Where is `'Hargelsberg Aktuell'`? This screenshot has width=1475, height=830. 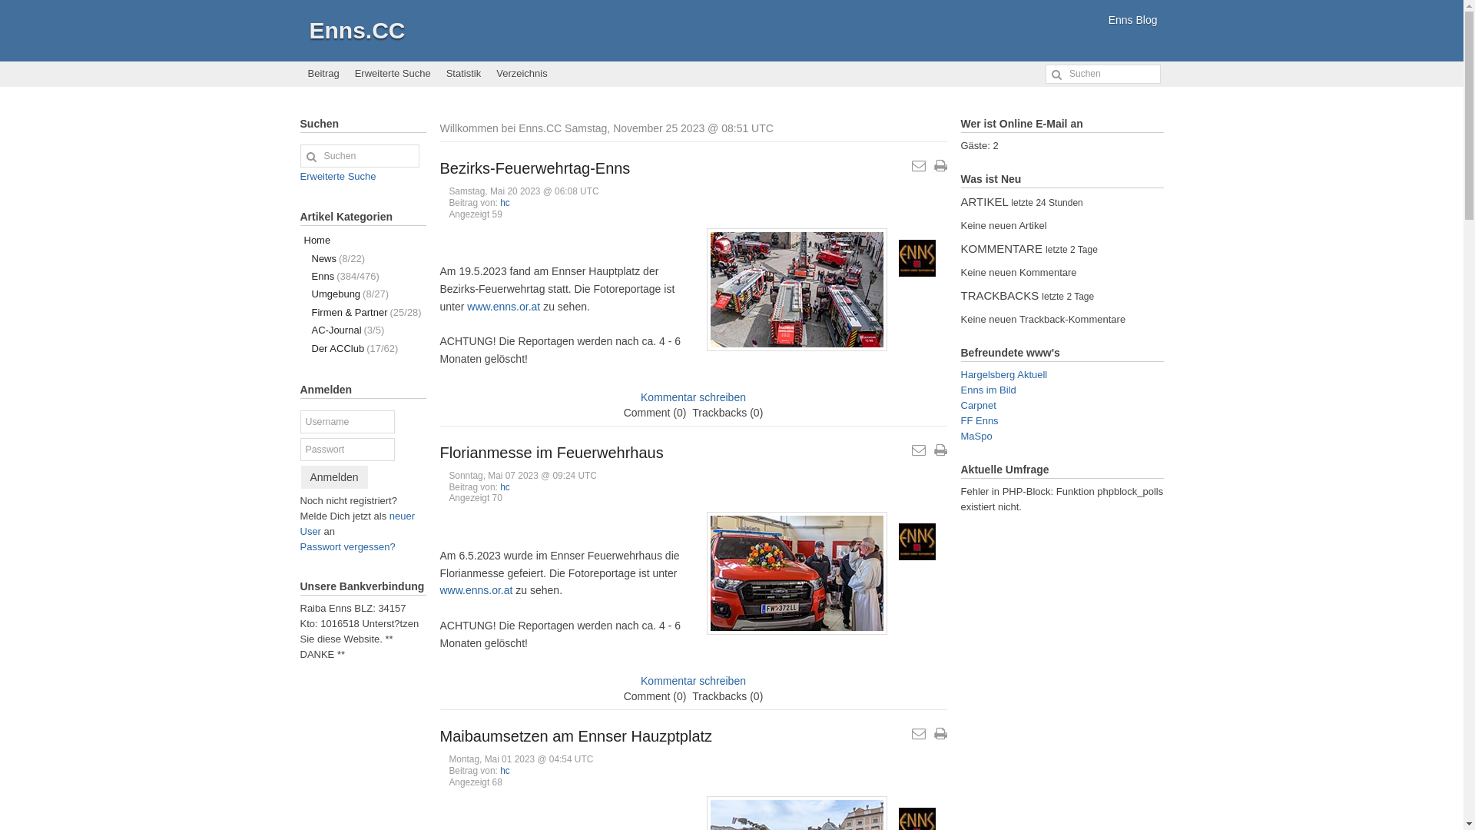
'Hargelsberg Aktuell' is located at coordinates (1003, 374).